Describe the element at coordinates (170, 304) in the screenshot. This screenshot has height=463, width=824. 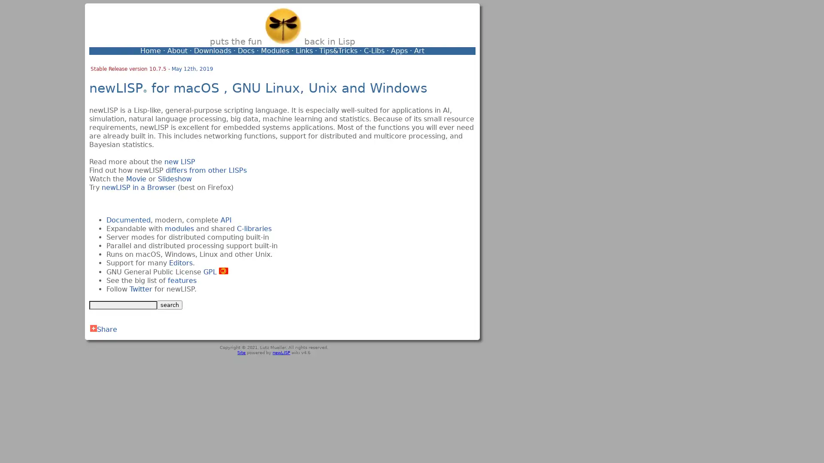
I see `search` at that location.